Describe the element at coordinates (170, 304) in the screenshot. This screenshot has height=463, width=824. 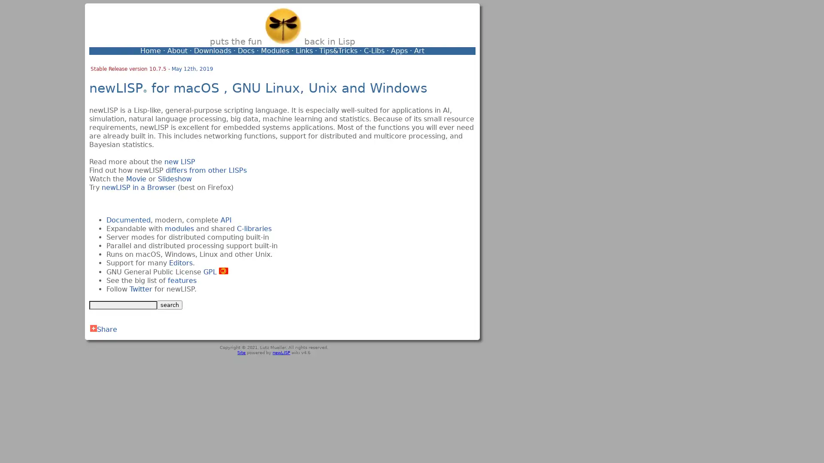
I see `search` at that location.